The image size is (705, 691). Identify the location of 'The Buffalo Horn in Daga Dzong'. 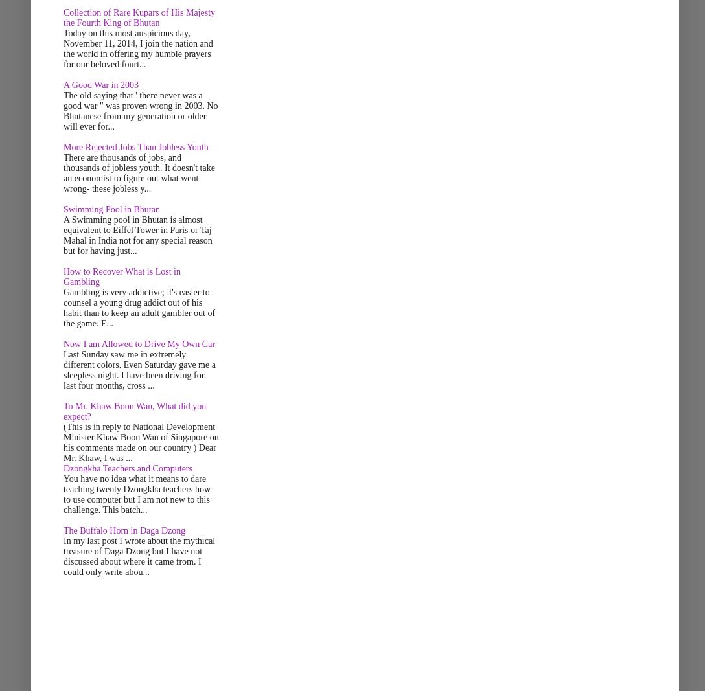
(124, 530).